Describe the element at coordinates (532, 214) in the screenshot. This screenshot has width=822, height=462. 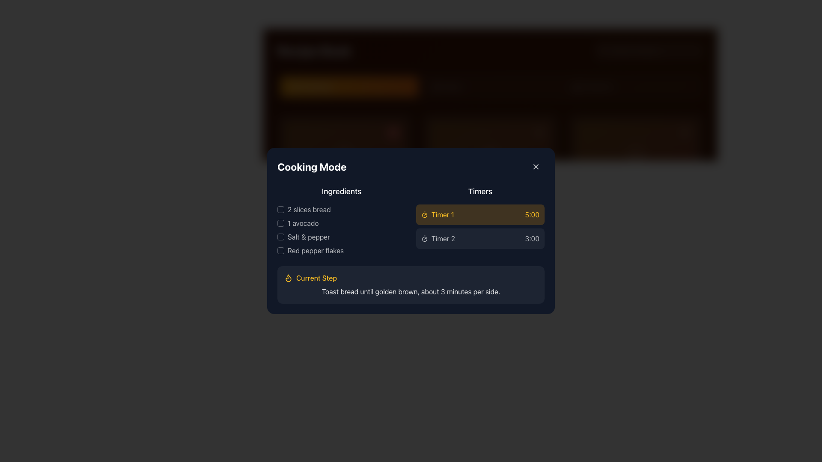
I see `the static text label displaying the time '5:00' in yellow font, located to the right of 'Timer 1' within the highlighted timer entry box in the Timers section` at that location.